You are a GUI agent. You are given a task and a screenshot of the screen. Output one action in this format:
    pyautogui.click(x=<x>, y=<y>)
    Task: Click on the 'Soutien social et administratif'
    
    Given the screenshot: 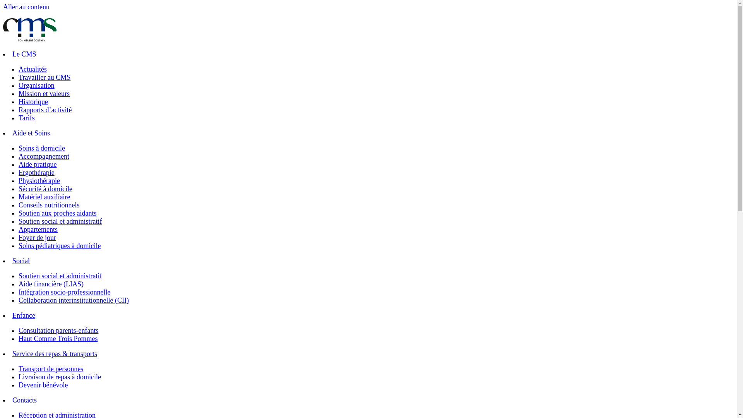 What is the action you would take?
    pyautogui.click(x=60, y=221)
    